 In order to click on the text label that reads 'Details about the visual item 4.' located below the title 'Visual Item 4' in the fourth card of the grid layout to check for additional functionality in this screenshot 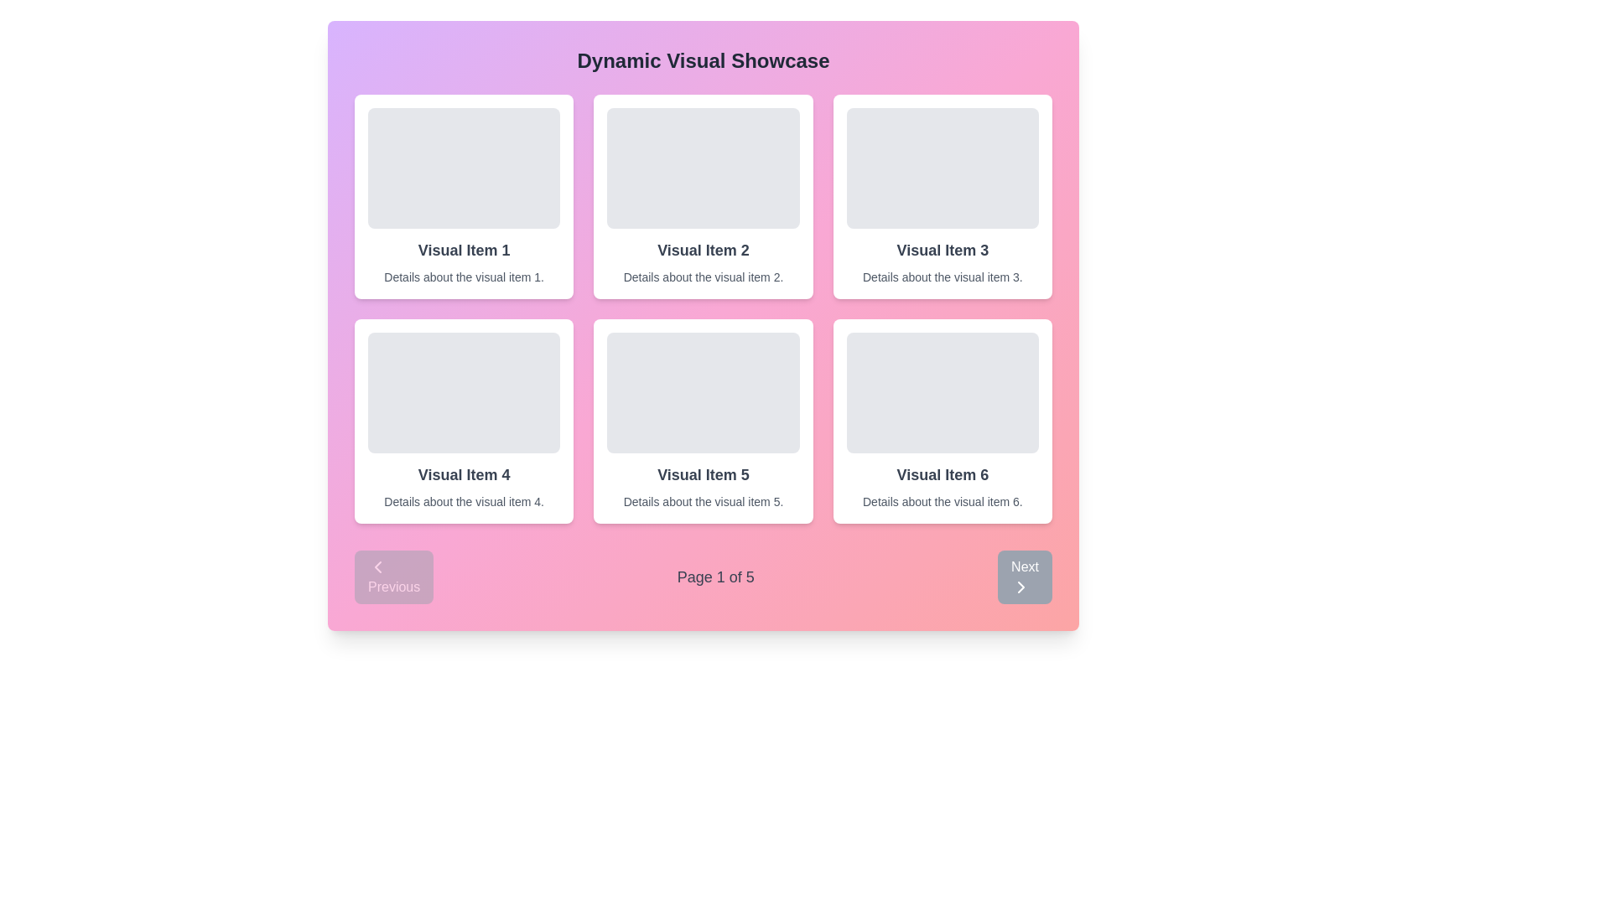, I will do `click(464, 500)`.